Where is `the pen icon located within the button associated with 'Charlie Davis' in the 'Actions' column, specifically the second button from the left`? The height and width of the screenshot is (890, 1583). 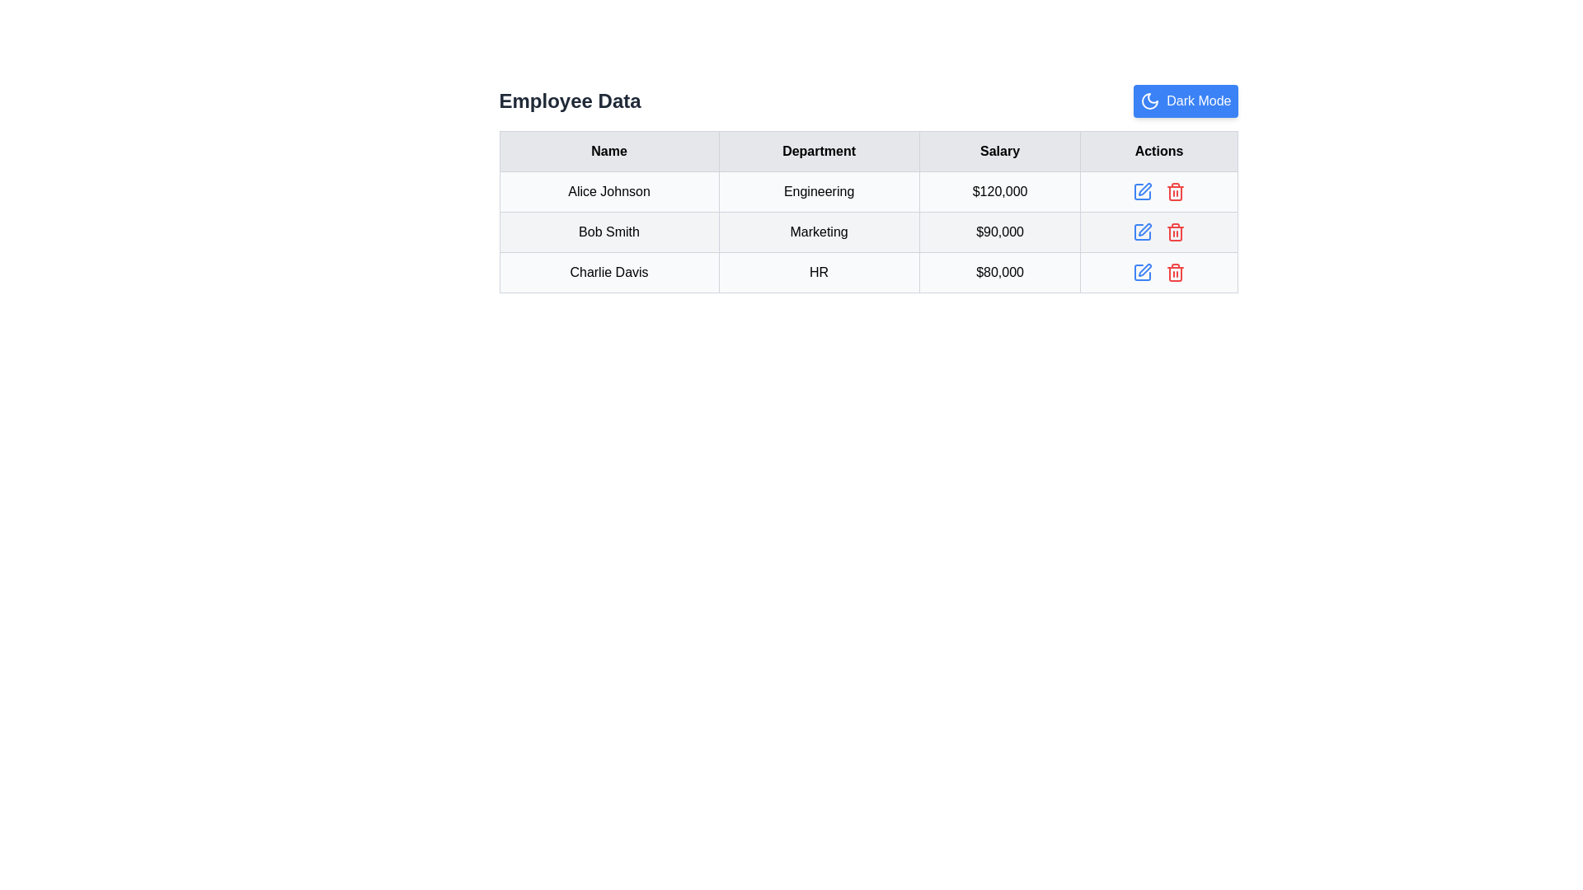 the pen icon located within the button associated with 'Charlie Davis' in the 'Actions' column, specifically the second button from the left is located at coordinates (1144, 269).